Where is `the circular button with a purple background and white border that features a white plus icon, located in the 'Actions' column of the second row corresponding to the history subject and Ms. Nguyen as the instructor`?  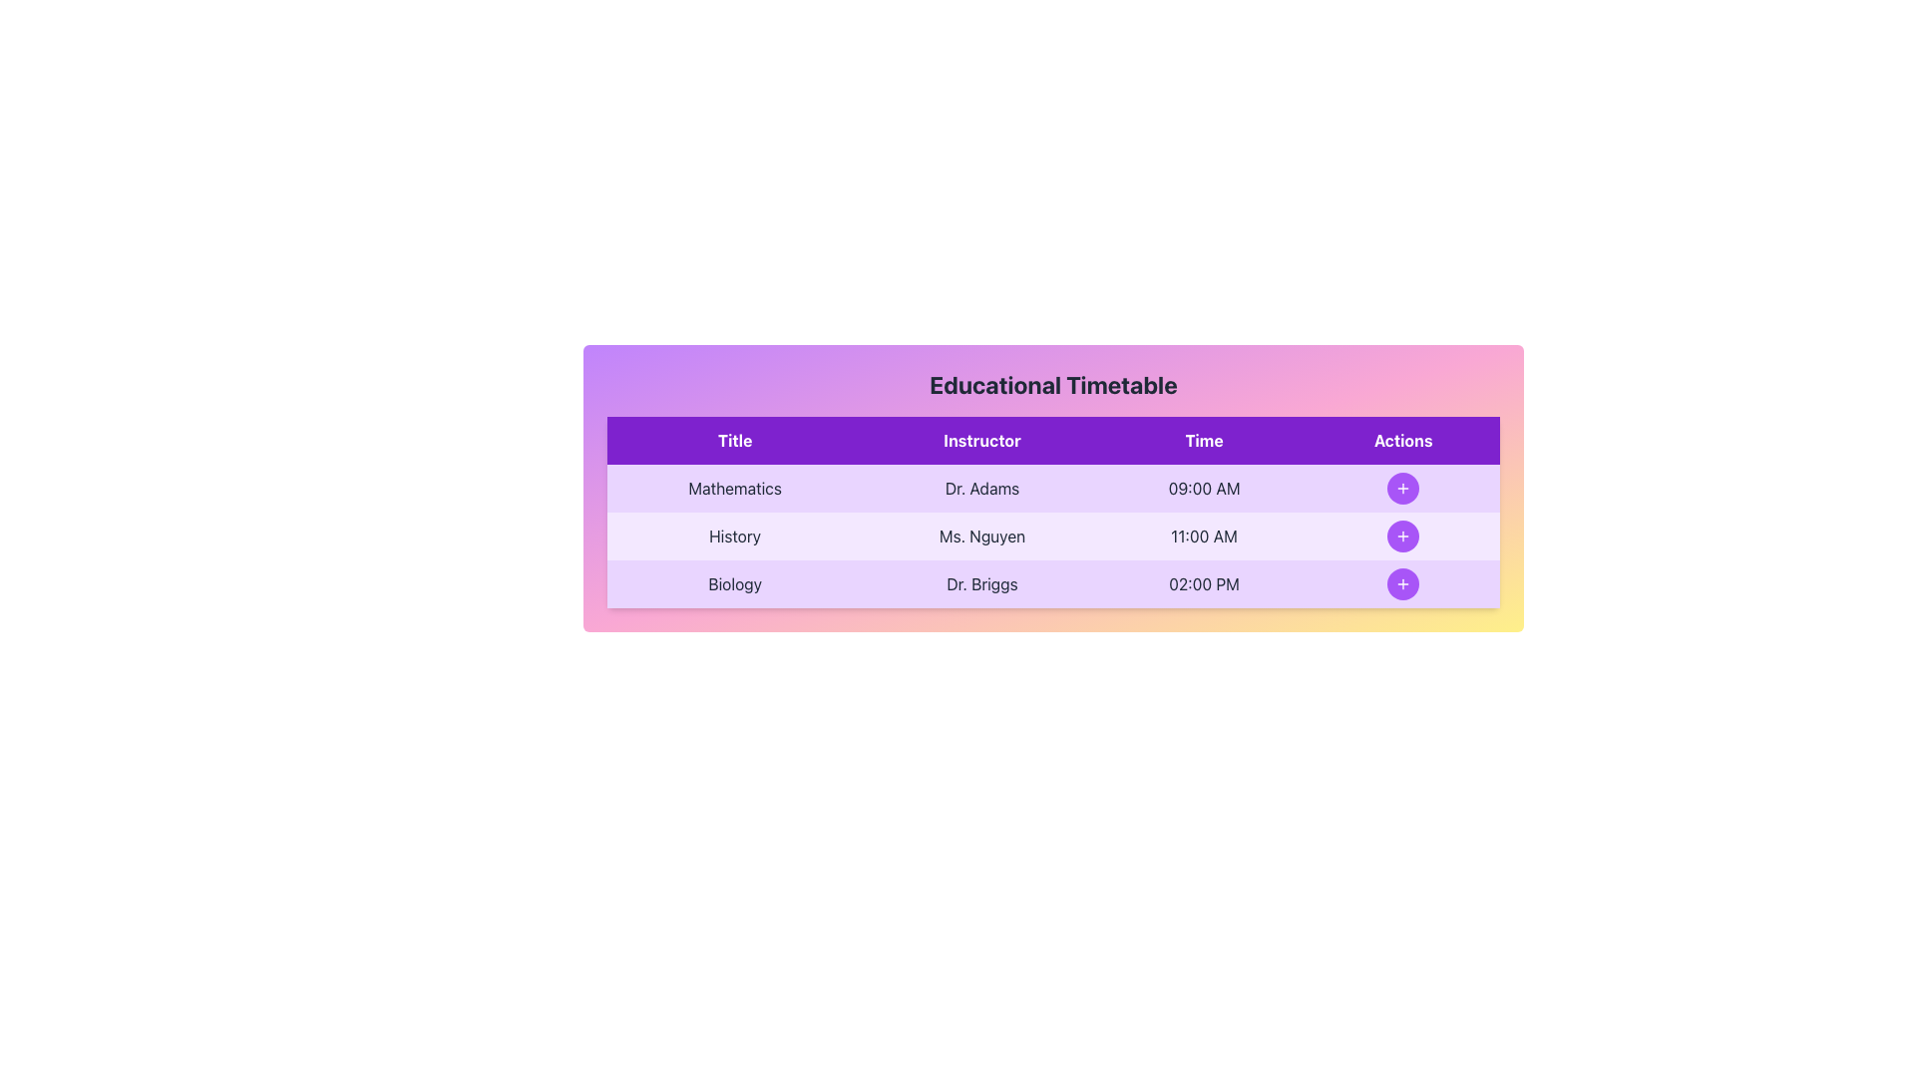 the circular button with a purple background and white border that features a white plus icon, located in the 'Actions' column of the second row corresponding to the history subject and Ms. Nguyen as the instructor is located at coordinates (1402, 535).